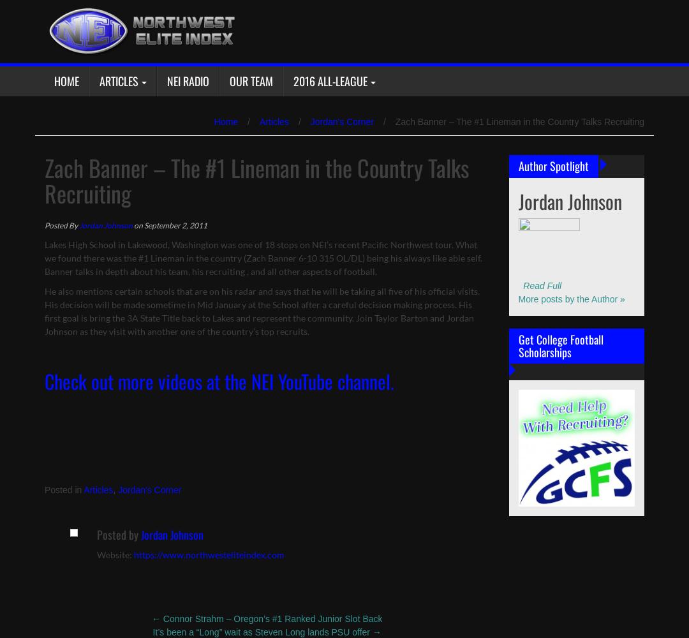  What do you see at coordinates (552, 166) in the screenshot?
I see `'Author Spotlight'` at bounding box center [552, 166].